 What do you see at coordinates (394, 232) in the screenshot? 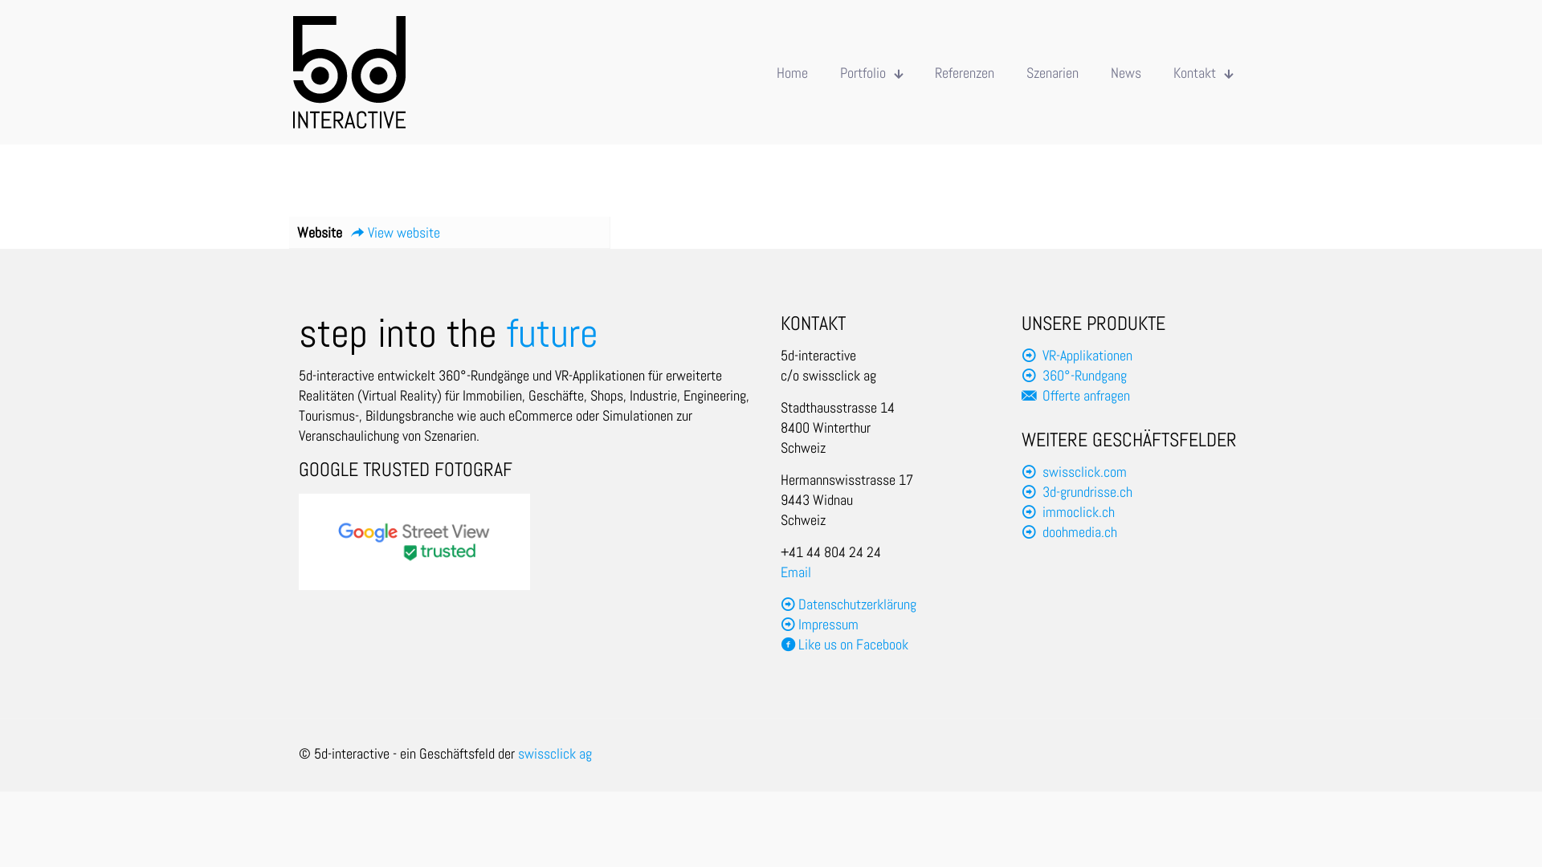
I see `'View website'` at bounding box center [394, 232].